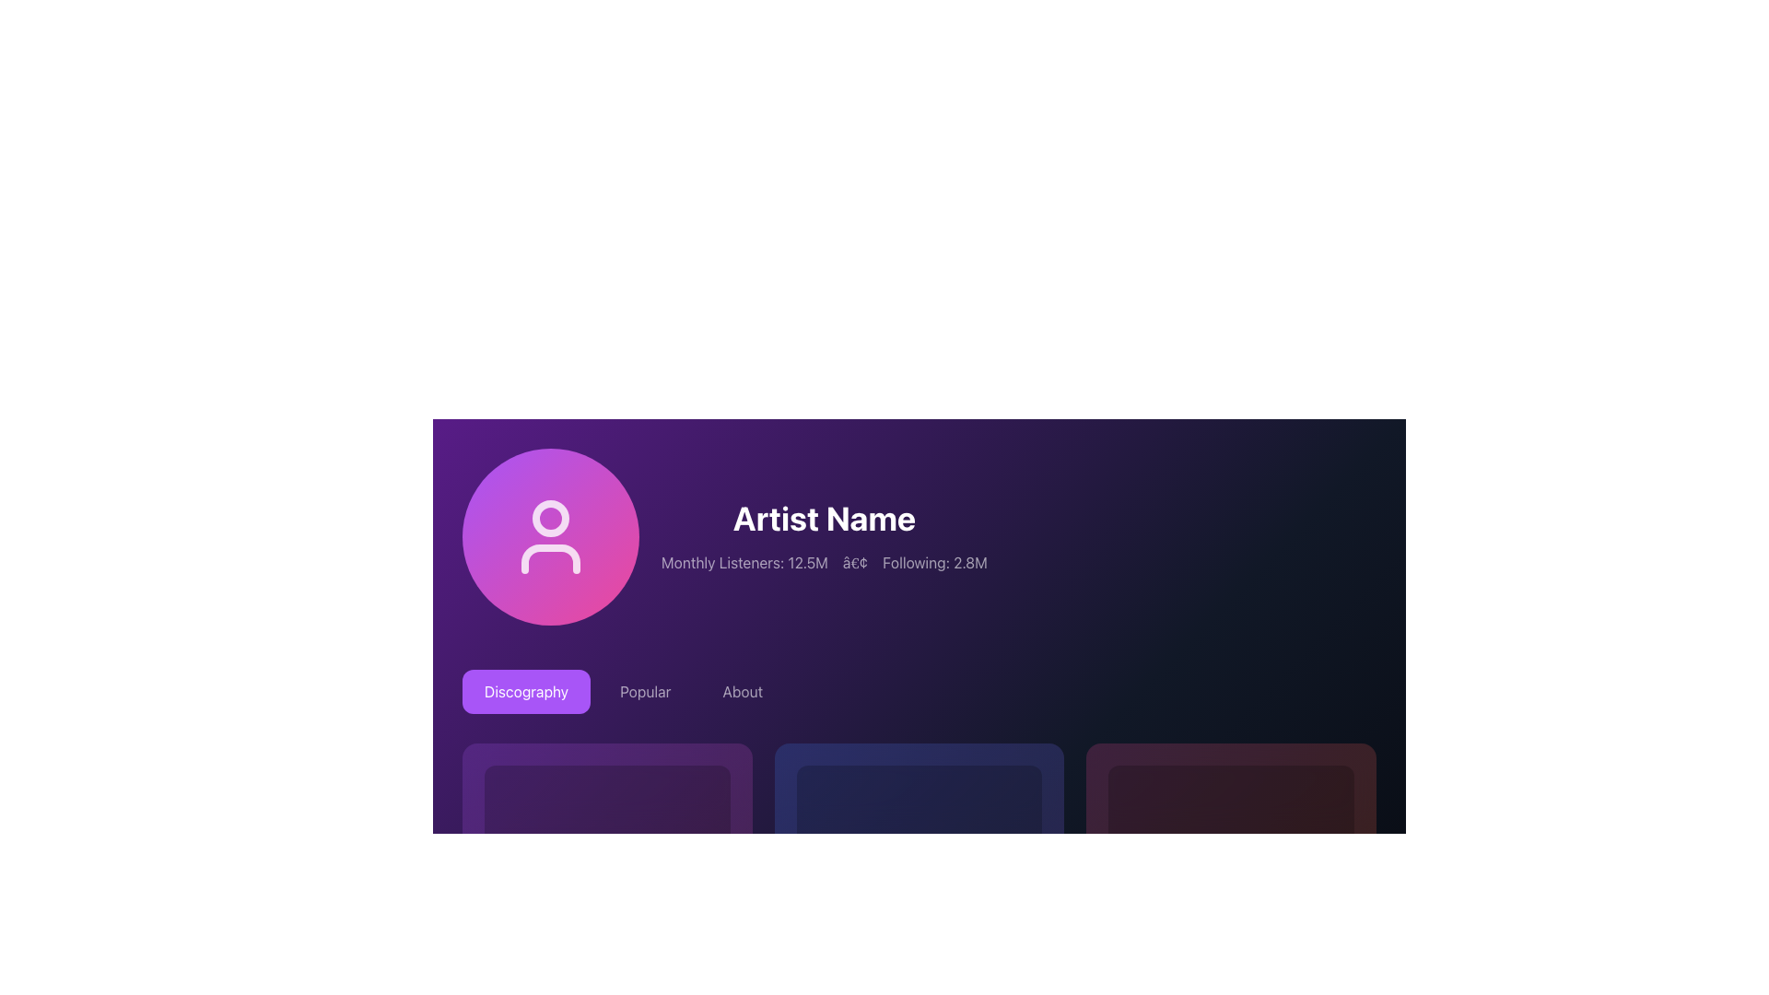 The height and width of the screenshot is (995, 1769). Describe the element at coordinates (920, 692) in the screenshot. I see `the 'About' tab in the Tab navigation menu` at that location.